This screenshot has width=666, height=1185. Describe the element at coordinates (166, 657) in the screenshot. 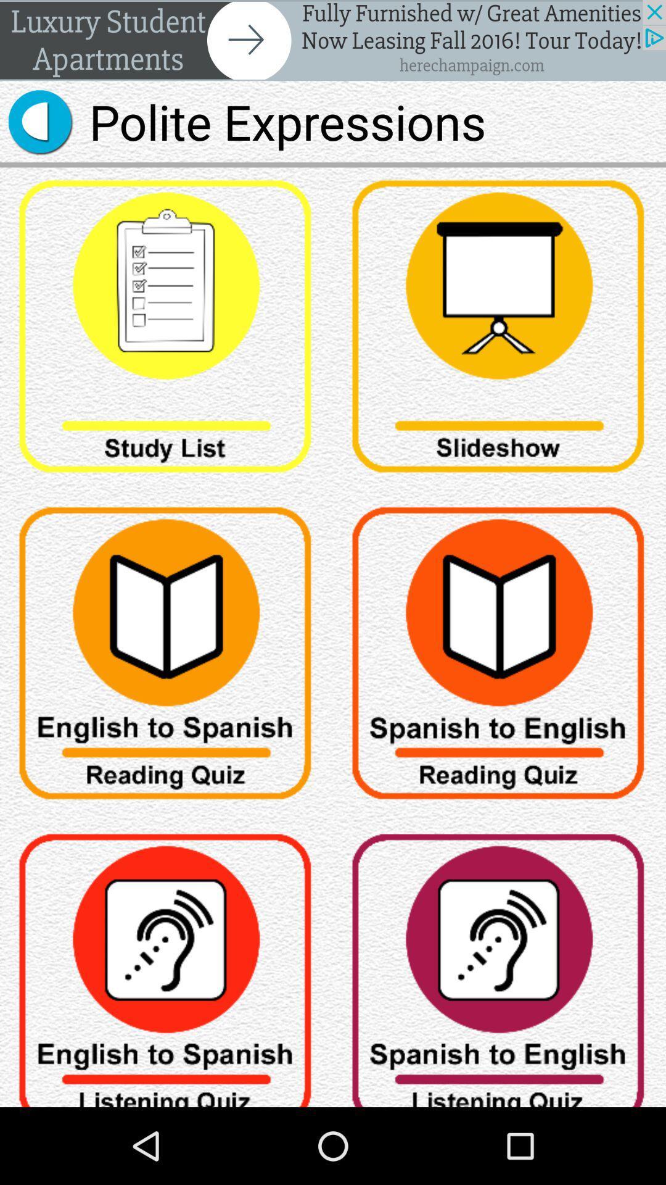

I see `choose english to spanish quiz` at that location.